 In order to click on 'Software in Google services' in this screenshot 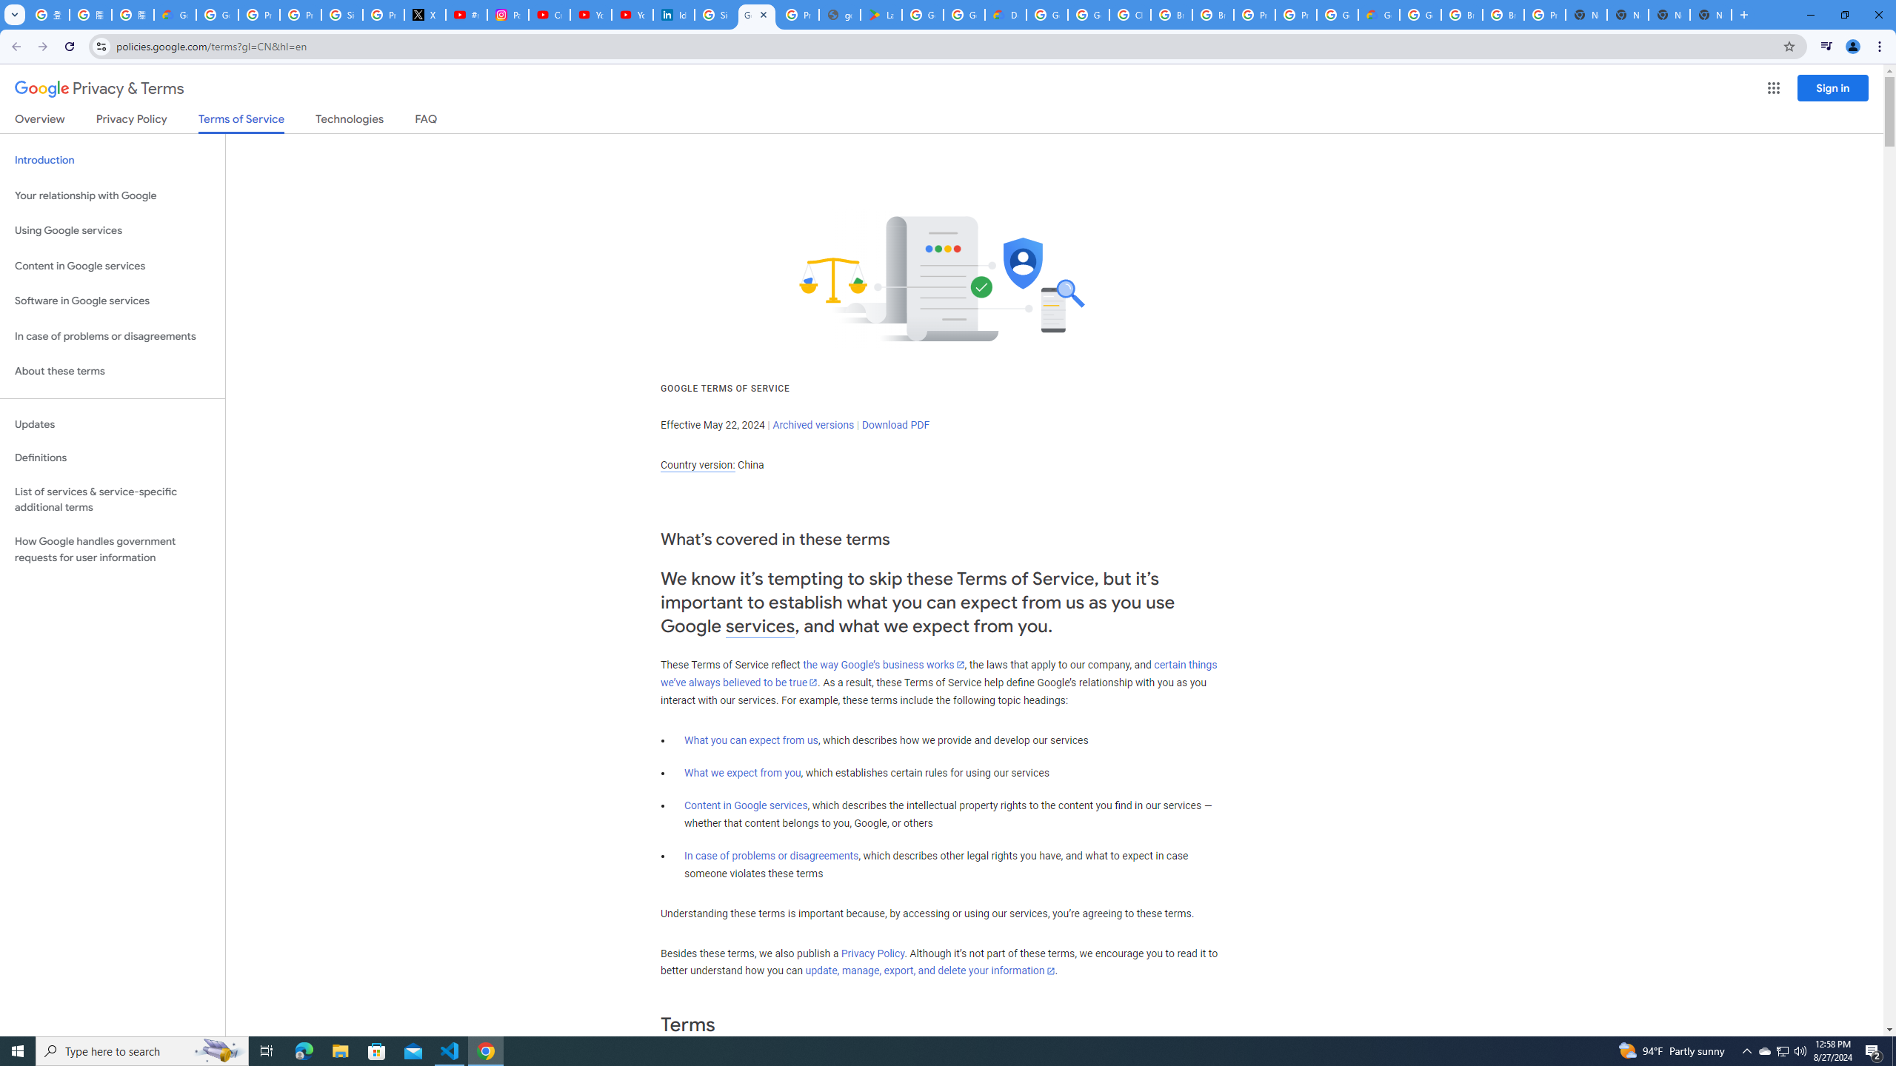, I will do `click(112, 300)`.